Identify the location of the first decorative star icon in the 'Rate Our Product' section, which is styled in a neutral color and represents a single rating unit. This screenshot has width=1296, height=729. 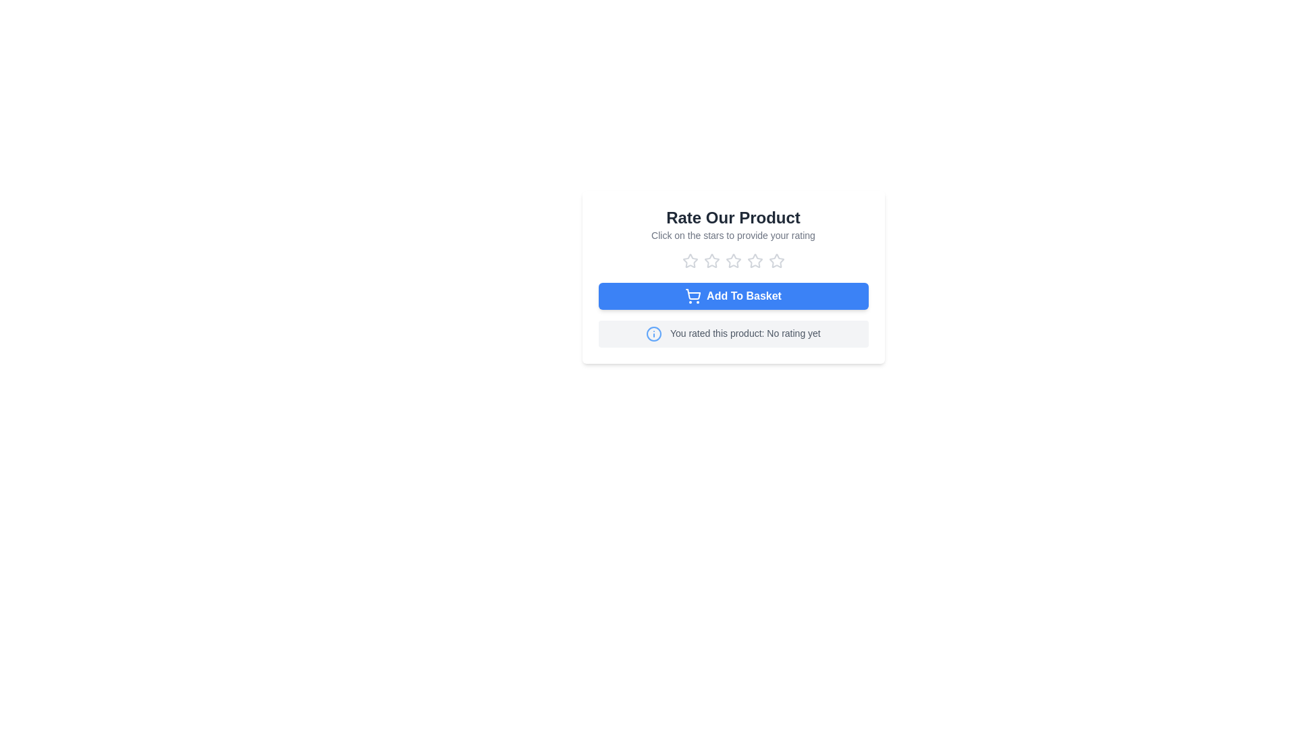
(690, 261).